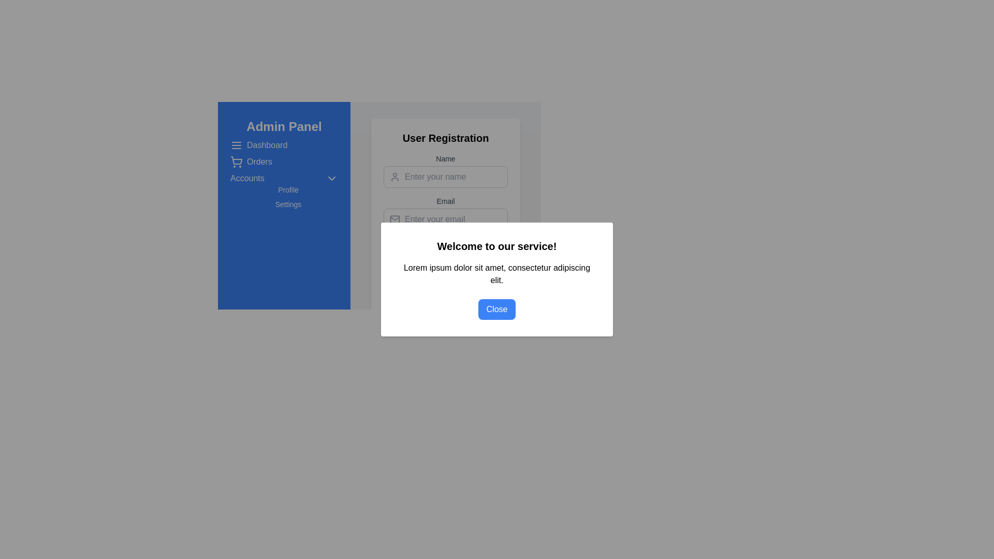 This screenshot has height=559, width=994. I want to click on the email input field with rounded corners and a placeholder text 'Enter your email' to focus on it, so click(445, 219).